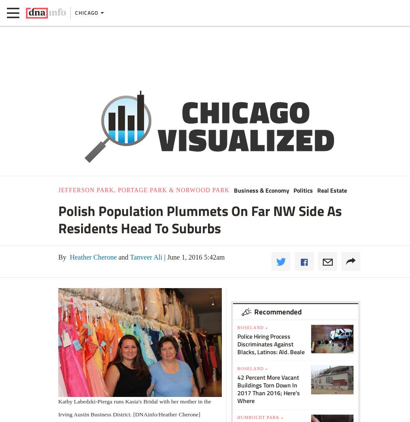 The width and height of the screenshot is (410, 422). Describe the element at coordinates (165, 256) in the screenshot. I see `'June 1, 2016 5:42am'` at that location.